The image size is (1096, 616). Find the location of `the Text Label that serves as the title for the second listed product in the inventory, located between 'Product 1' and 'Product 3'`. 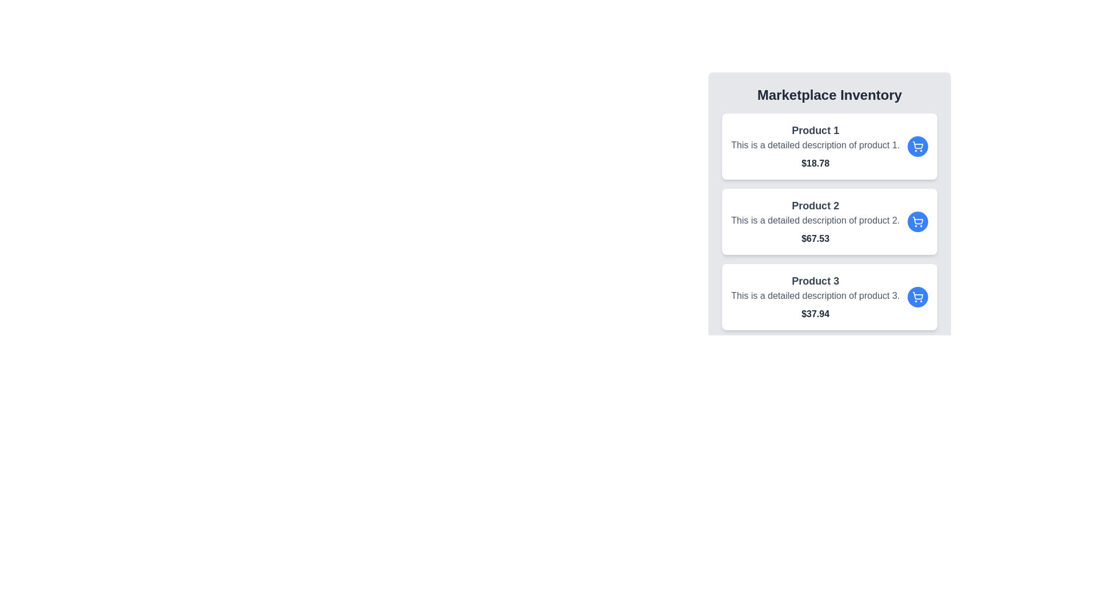

the Text Label that serves as the title for the second listed product in the inventory, located between 'Product 1' and 'Product 3' is located at coordinates (815, 206).